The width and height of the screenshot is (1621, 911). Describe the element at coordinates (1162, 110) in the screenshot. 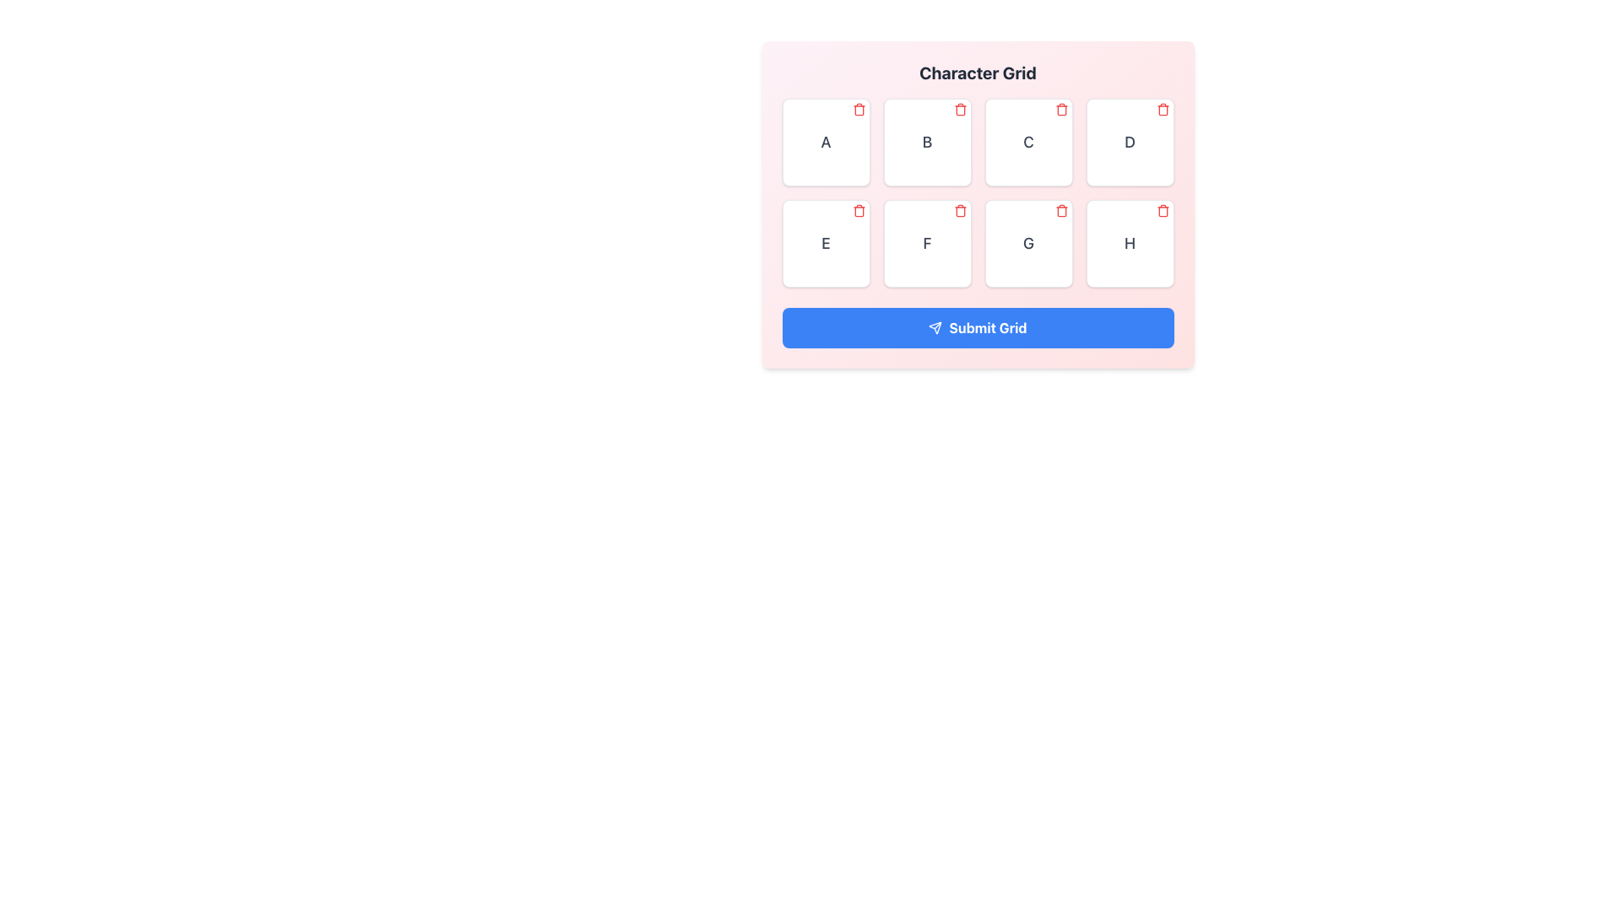

I see `the red trash bin icon in the top-right corner of the character cell labeled 'D'` at that location.